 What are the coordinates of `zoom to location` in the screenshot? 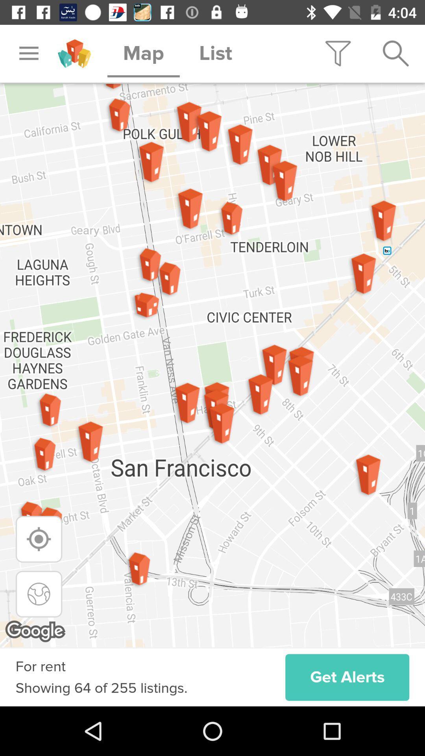 It's located at (39, 539).